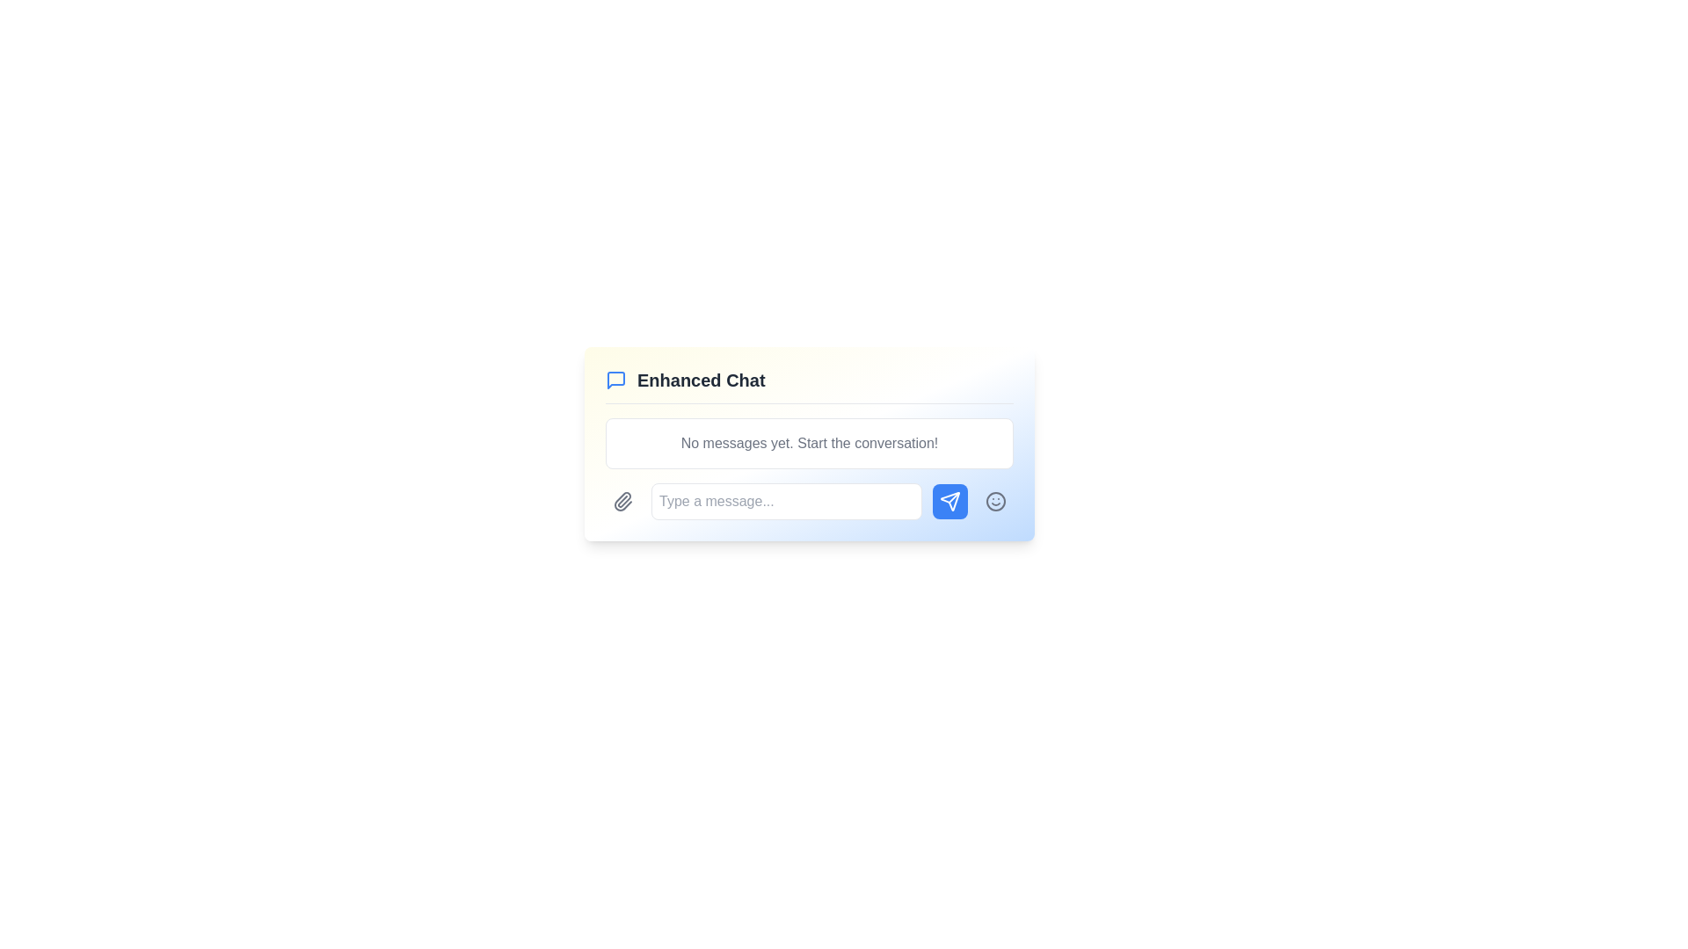 The height and width of the screenshot is (949, 1688). What do you see at coordinates (623, 501) in the screenshot?
I see `the file attachment button located` at bounding box center [623, 501].